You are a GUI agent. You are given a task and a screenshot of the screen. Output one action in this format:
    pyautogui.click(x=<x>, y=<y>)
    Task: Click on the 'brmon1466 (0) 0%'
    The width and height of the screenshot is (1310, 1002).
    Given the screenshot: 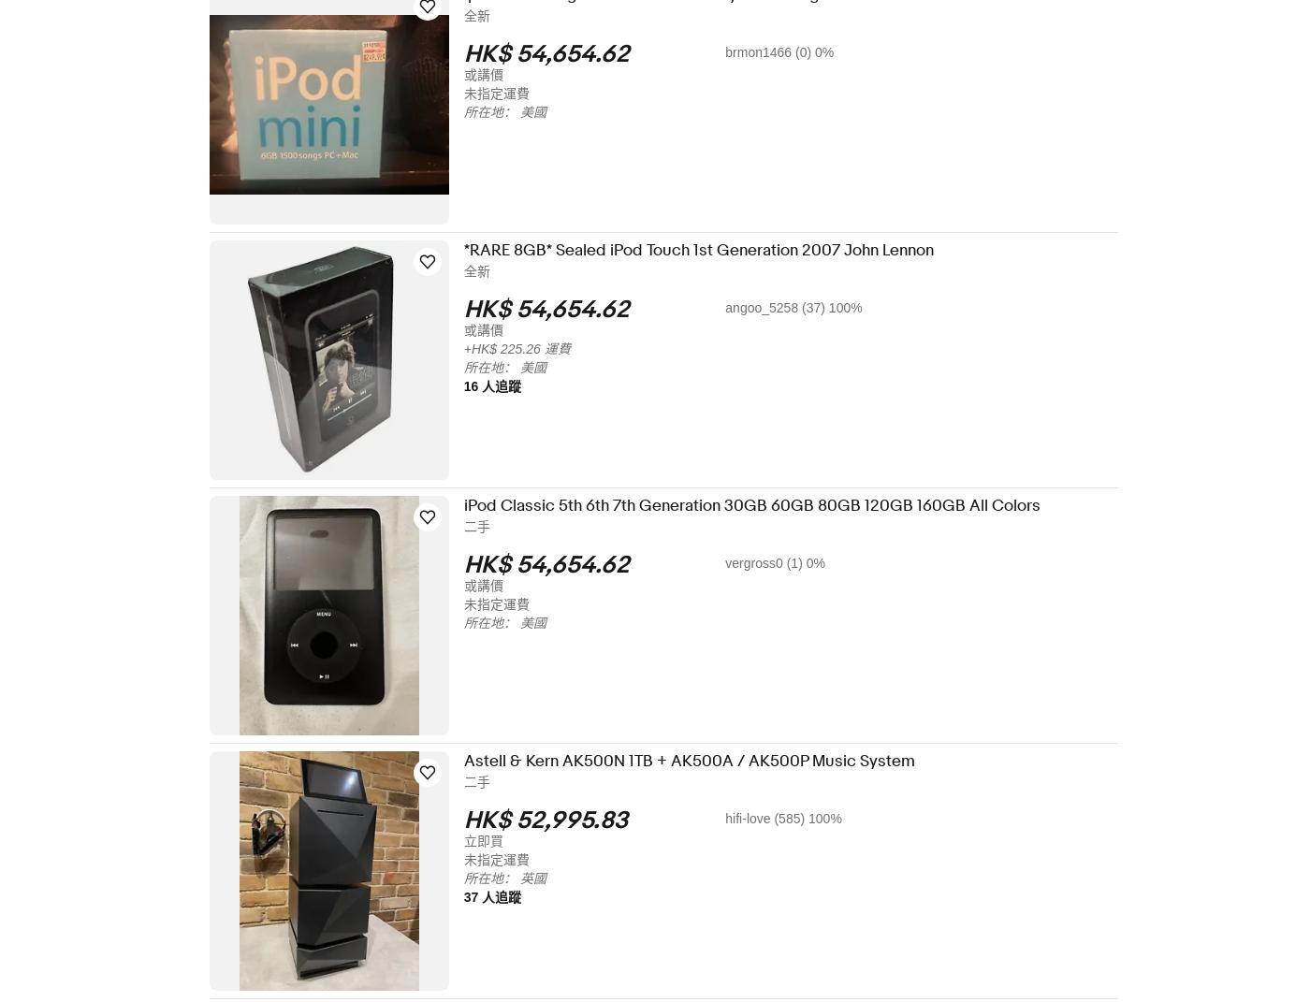 What is the action you would take?
    pyautogui.click(x=792, y=51)
    